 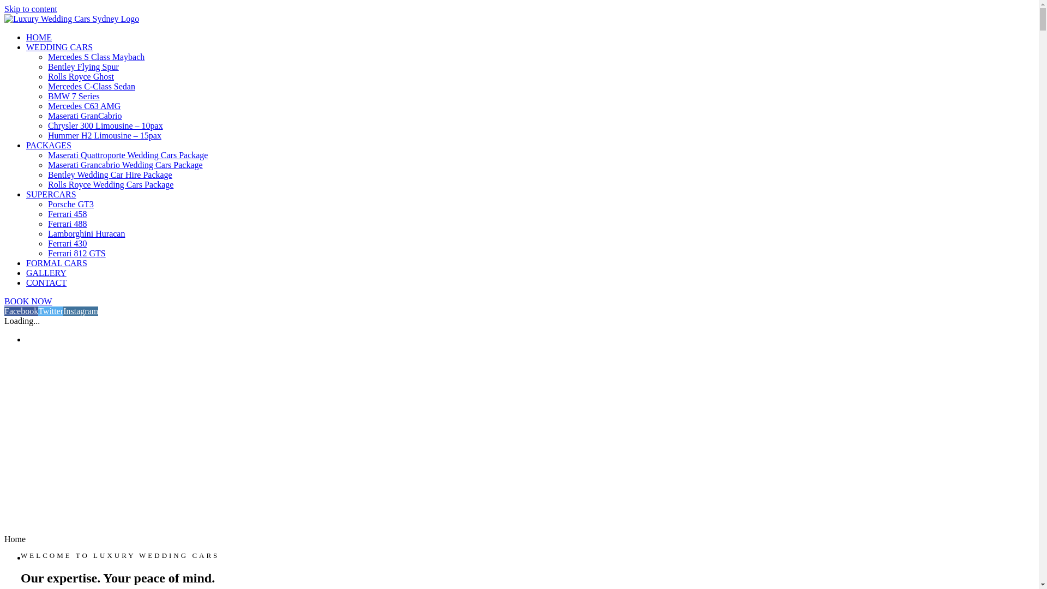 What do you see at coordinates (80, 76) in the screenshot?
I see `'Rolls Royce Ghost'` at bounding box center [80, 76].